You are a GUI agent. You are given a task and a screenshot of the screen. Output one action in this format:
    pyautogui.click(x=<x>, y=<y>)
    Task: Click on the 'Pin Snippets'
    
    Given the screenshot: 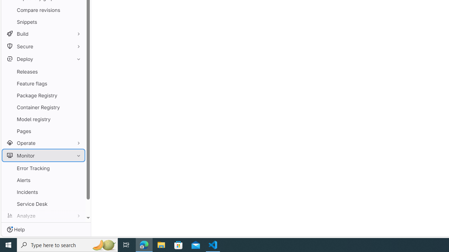 What is the action you would take?
    pyautogui.click(x=77, y=21)
    